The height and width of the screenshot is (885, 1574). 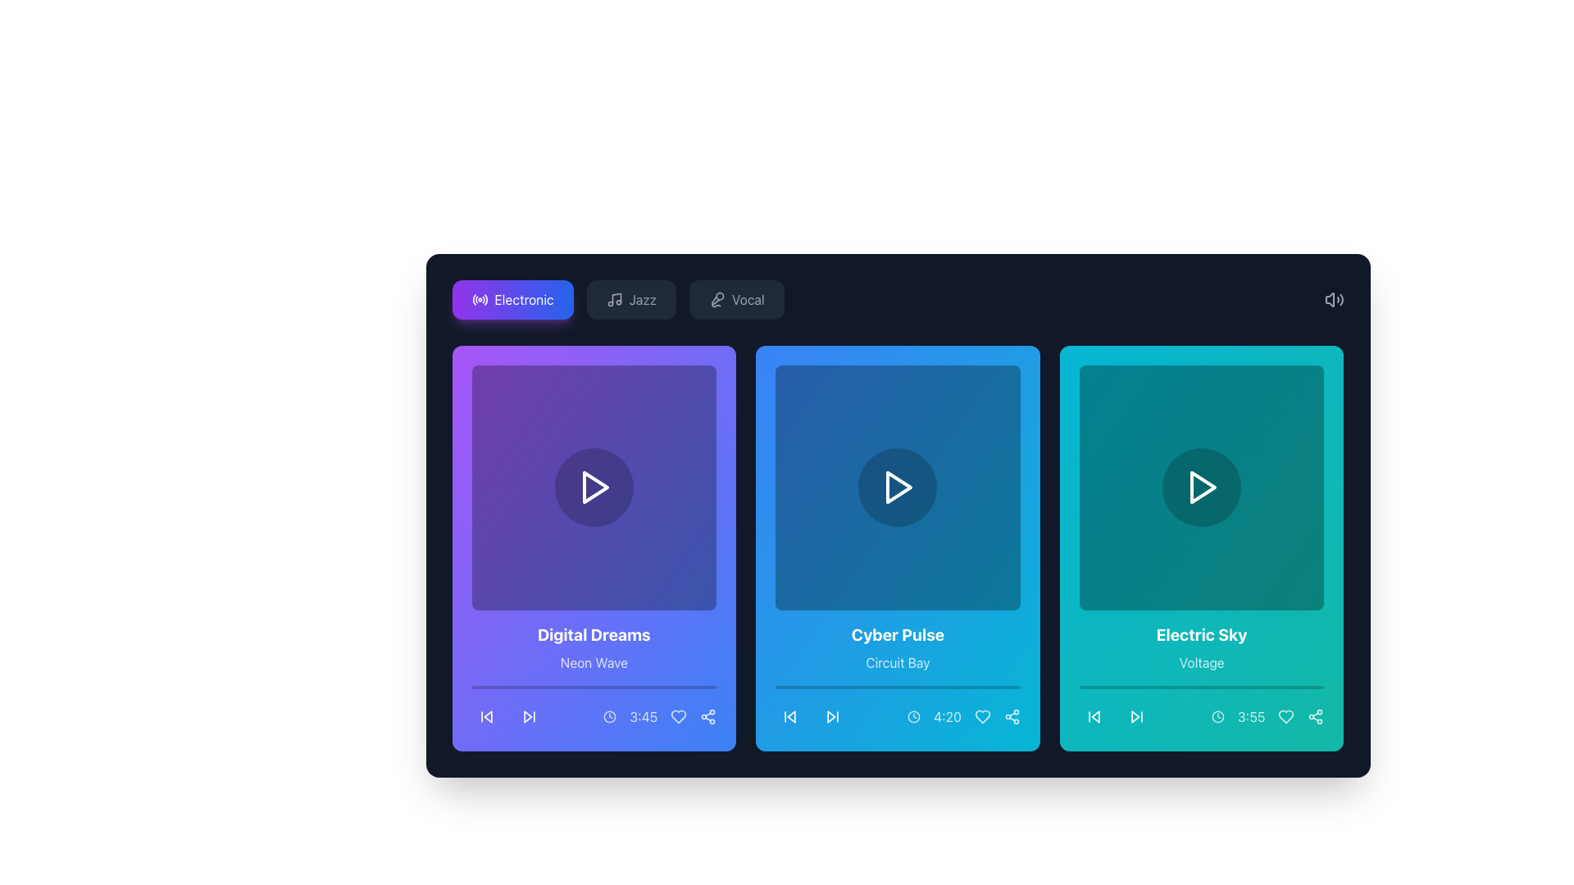 What do you see at coordinates (1316, 715) in the screenshot?
I see `the share icon, which is represented by three interconnected circles in a triangular pattern, located on the bottom right of the card labeled 'Electric Sky', to initiate a sharing action` at bounding box center [1316, 715].